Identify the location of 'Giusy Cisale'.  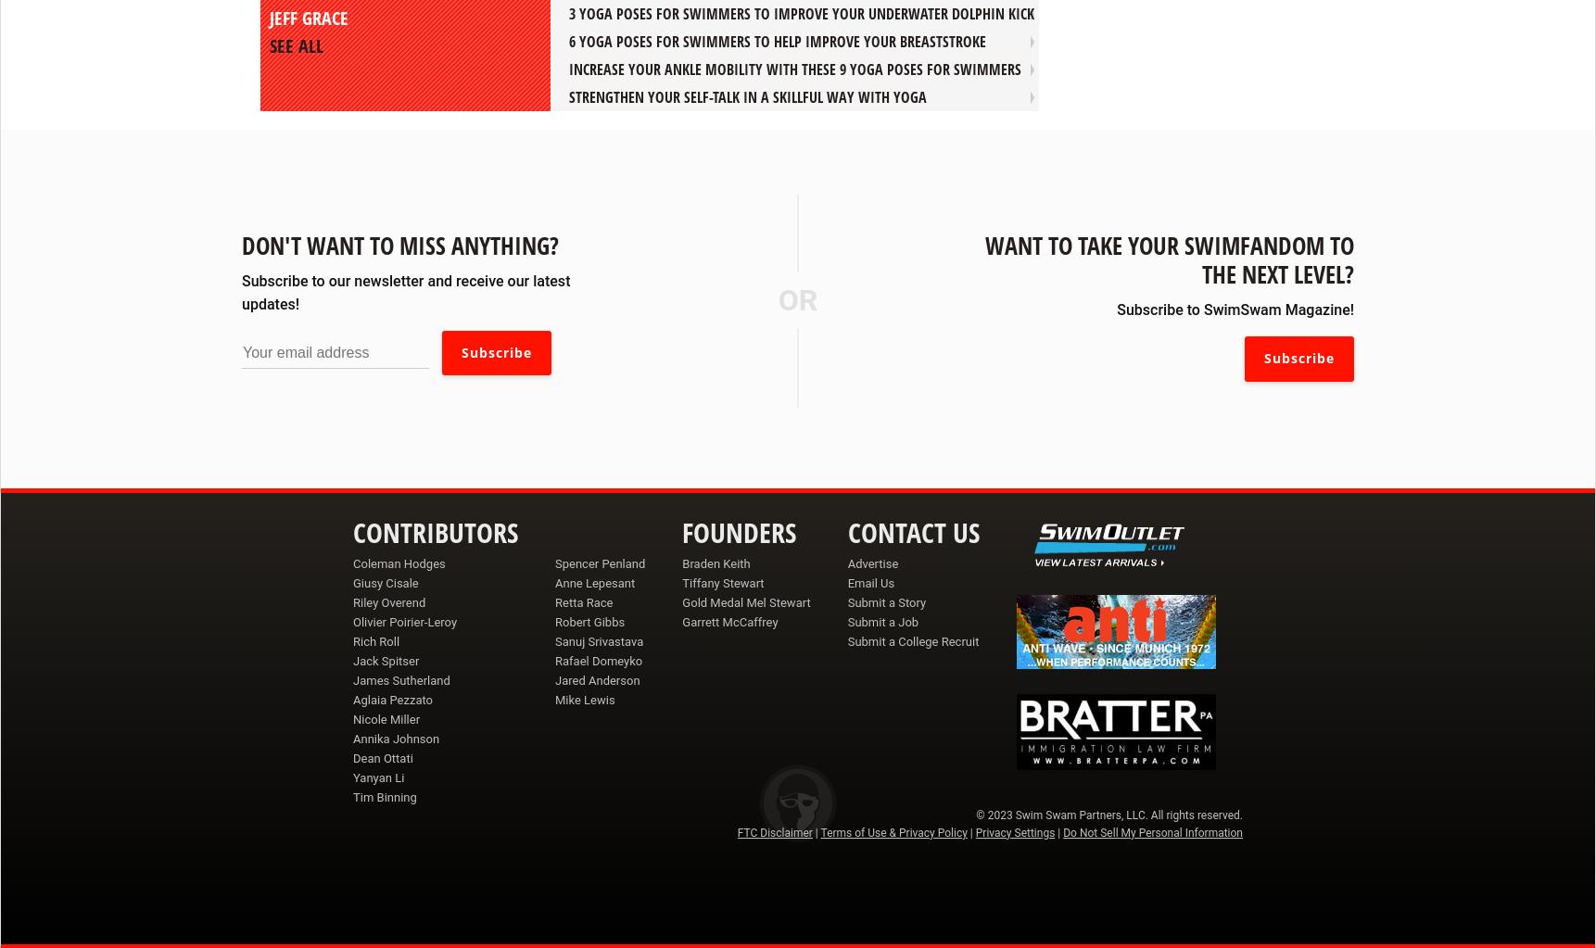
(386, 581).